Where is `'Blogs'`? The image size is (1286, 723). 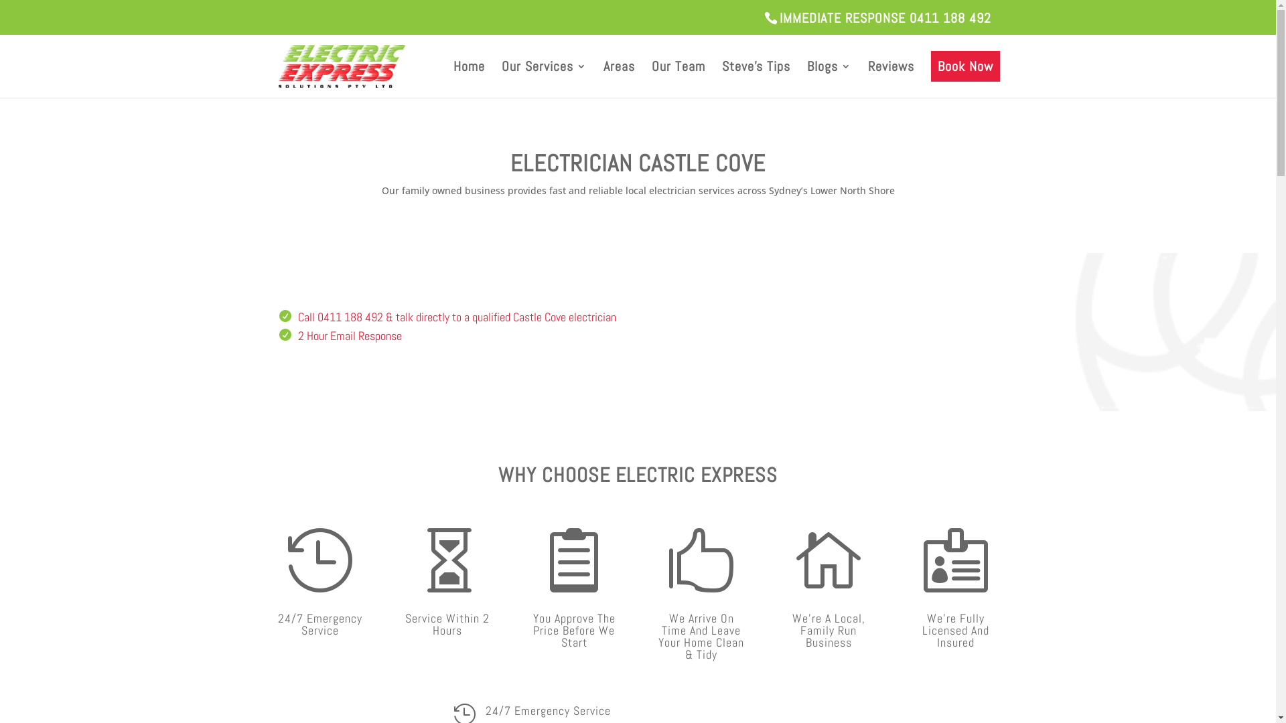
'Blogs' is located at coordinates (828, 80).